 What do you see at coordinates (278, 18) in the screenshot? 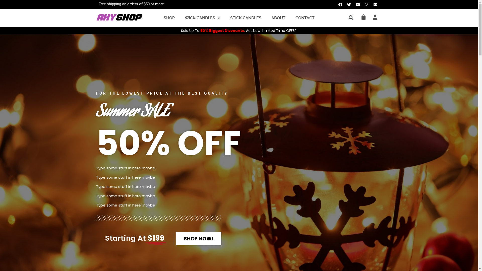
I see `'ABOUT'` at bounding box center [278, 18].